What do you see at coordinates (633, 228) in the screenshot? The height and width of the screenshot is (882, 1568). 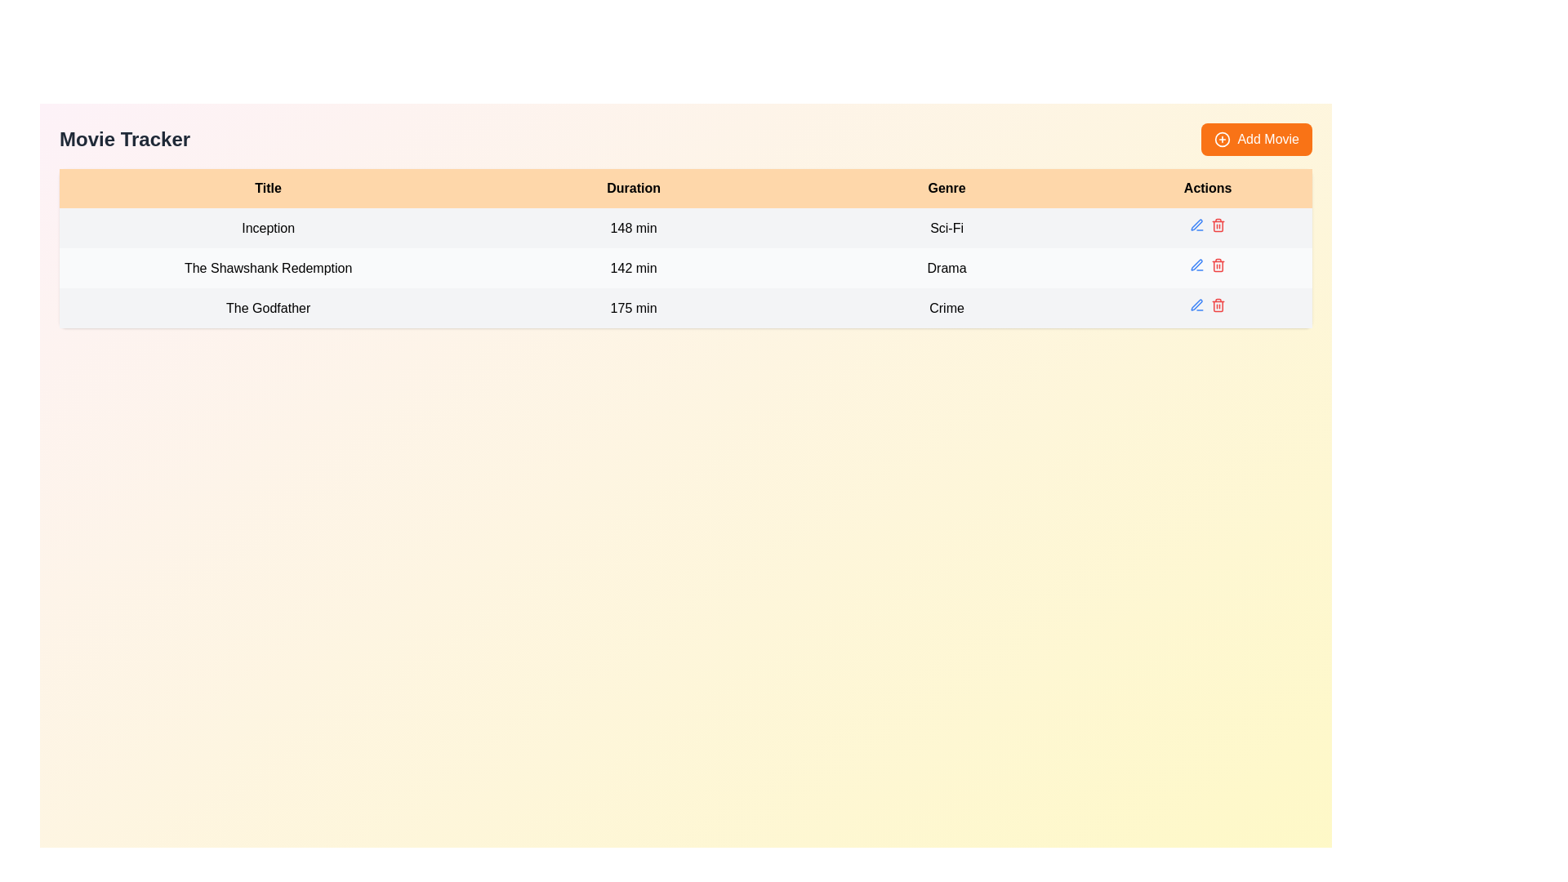 I see `the text display showing '148 min' in the duration column of the row for the movie 'Inception'` at bounding box center [633, 228].